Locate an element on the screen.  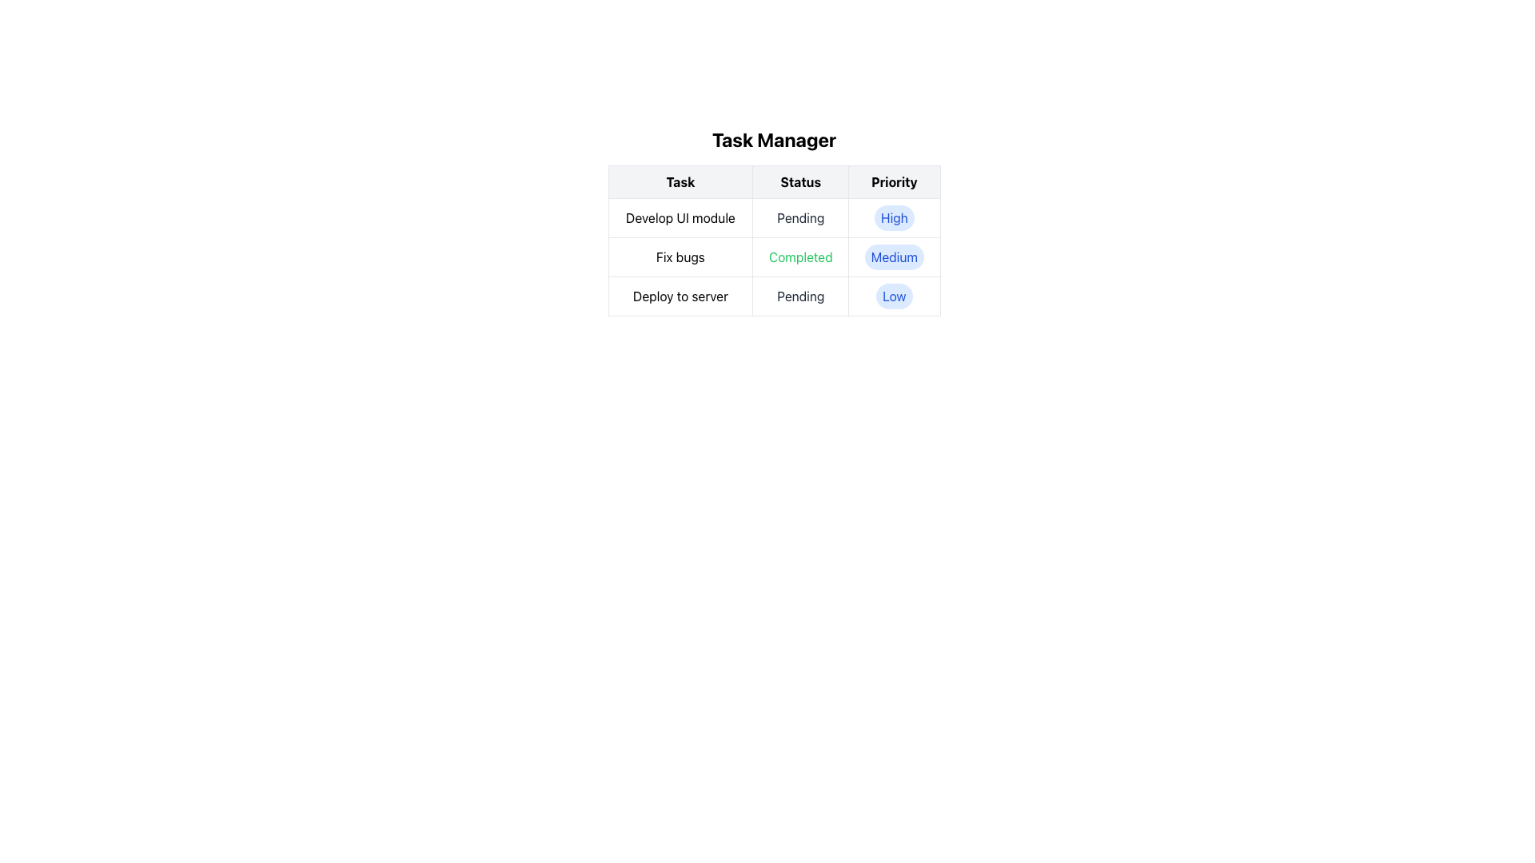
the static text label displaying 'Pending' which is located under the 'Status' column and part of the 'Deploy to server' row is located at coordinates (800, 296).